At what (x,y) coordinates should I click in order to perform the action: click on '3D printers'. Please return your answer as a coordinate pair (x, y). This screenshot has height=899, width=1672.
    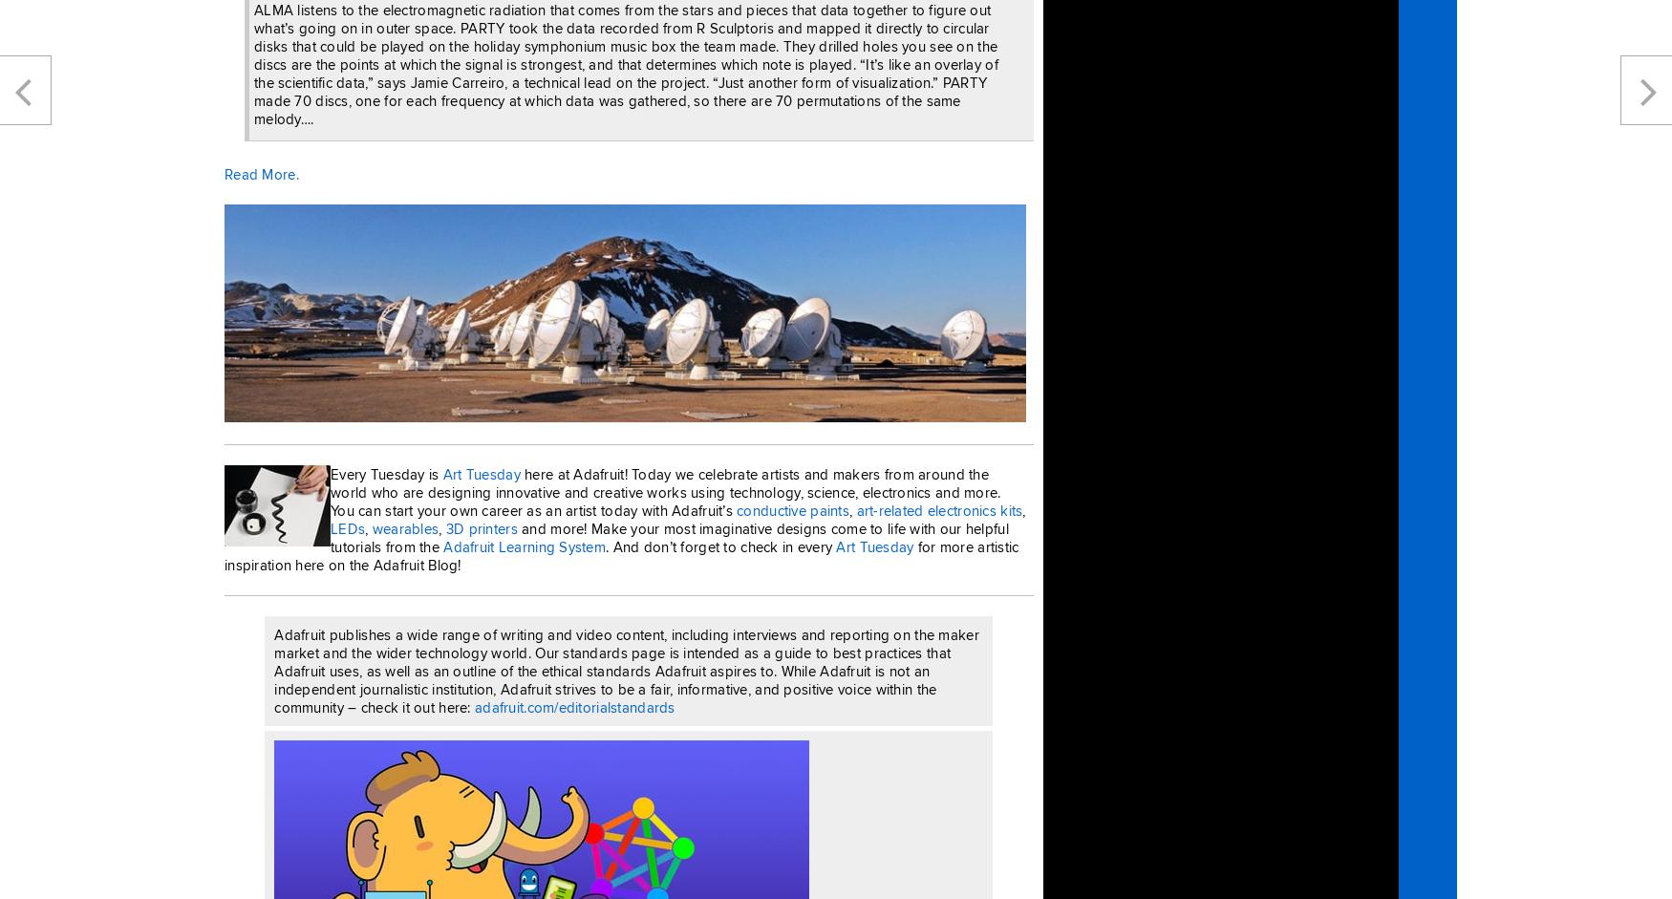
    Looking at the image, I should click on (480, 527).